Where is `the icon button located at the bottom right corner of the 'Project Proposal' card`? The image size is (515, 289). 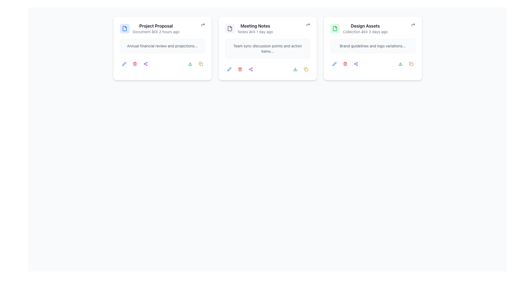
the icon button located at the bottom right corner of the 'Project Proposal' card is located at coordinates (200, 64).